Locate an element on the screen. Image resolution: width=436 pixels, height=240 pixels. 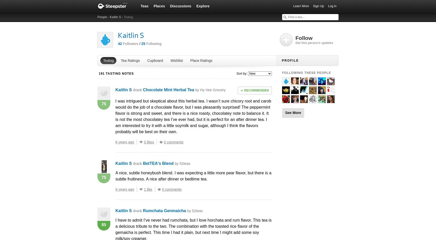
'/' is located at coordinates (140, 43).